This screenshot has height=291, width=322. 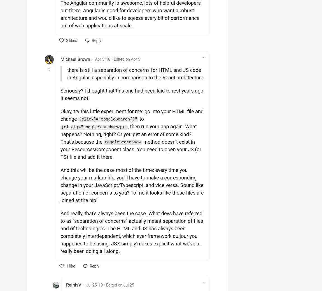 I want to click on 'Okay, try this little experiment for me: go into your HTML file and change', so click(x=132, y=115).